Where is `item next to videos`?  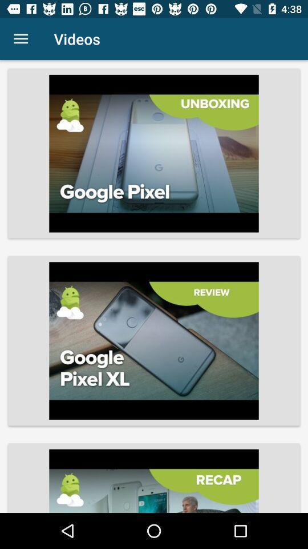 item next to videos is located at coordinates (21, 39).